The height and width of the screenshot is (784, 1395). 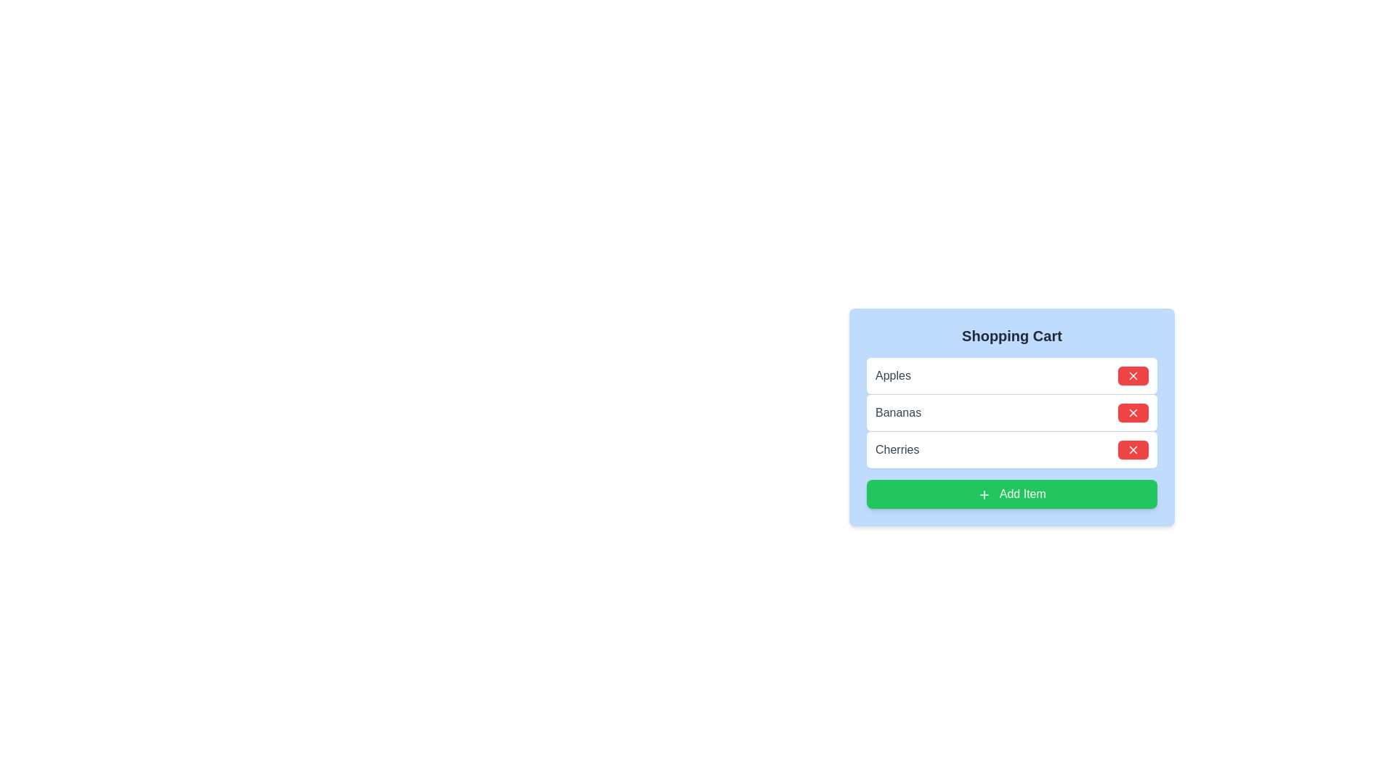 What do you see at coordinates (1133, 413) in the screenshot?
I see `the small, red-colored button with a white 'X' icon located in the 'Bananas' row of the shopping cart list` at bounding box center [1133, 413].